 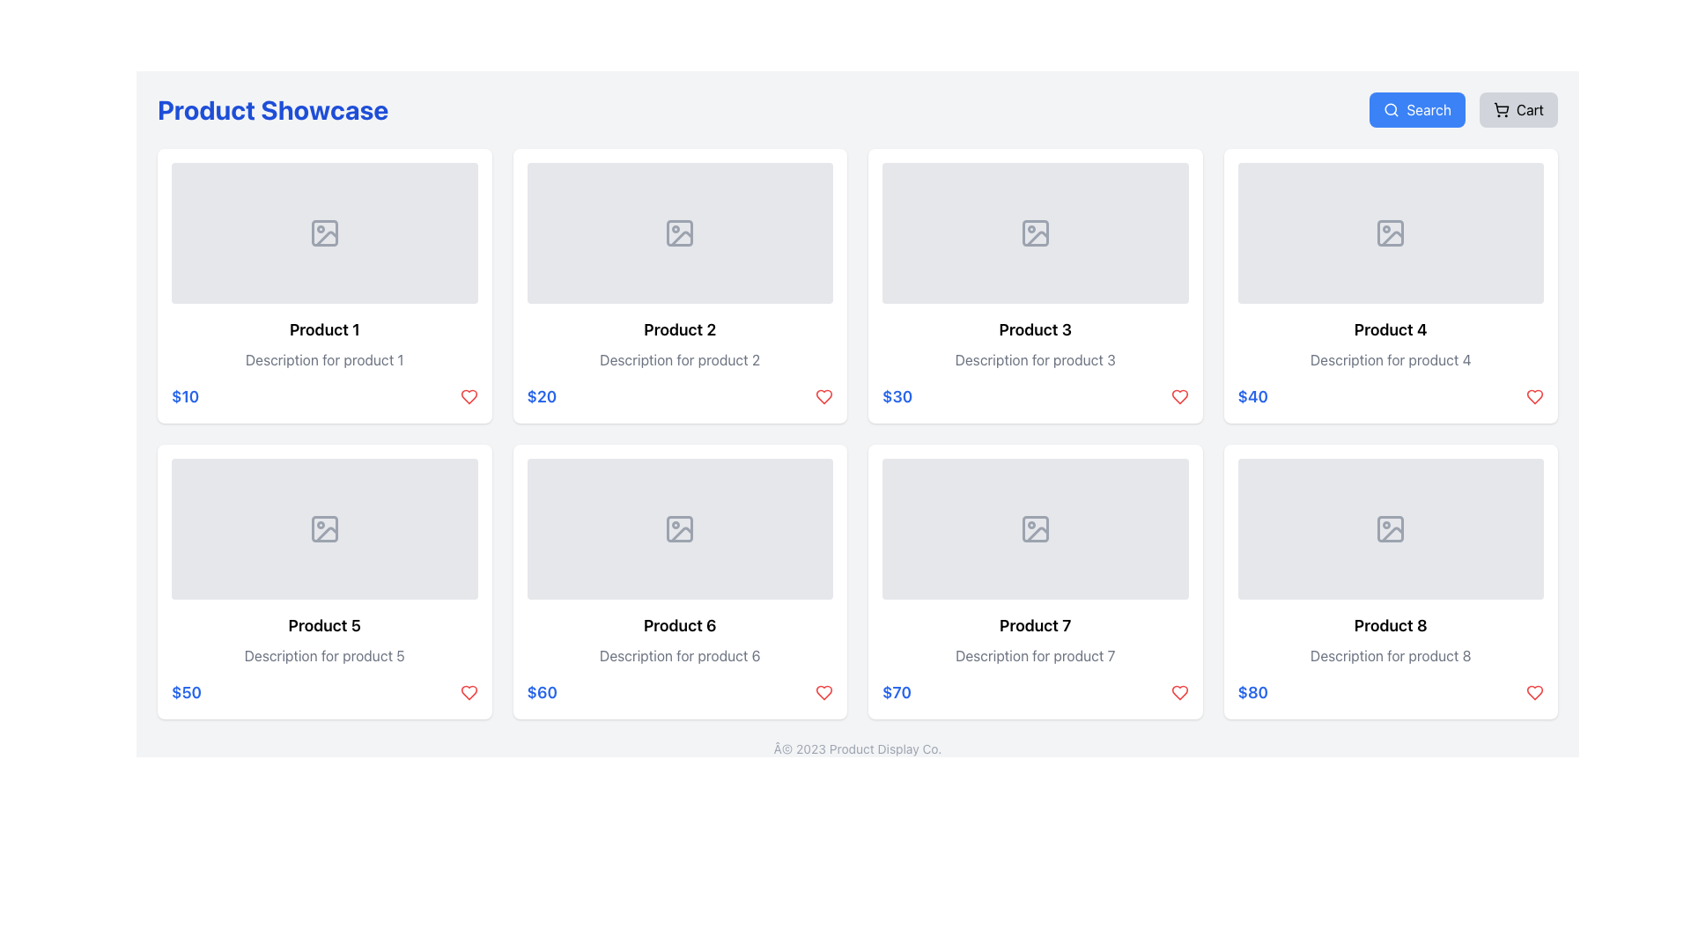 What do you see at coordinates (469, 397) in the screenshot?
I see `the heart-shaped icon outlined in red, which symbolizes a 'favorite' or 'like' action, positioned at the bottom-right corner of the first product card` at bounding box center [469, 397].